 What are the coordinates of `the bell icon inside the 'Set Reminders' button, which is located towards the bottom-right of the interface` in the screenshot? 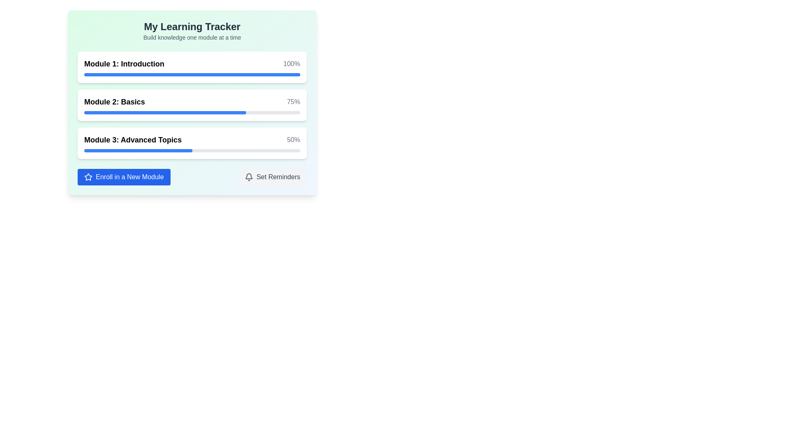 It's located at (249, 176).